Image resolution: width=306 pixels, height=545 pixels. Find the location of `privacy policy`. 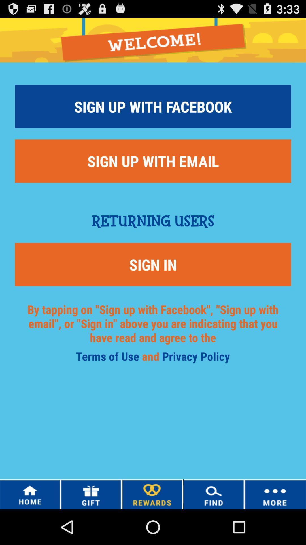

privacy policy is located at coordinates (195, 358).